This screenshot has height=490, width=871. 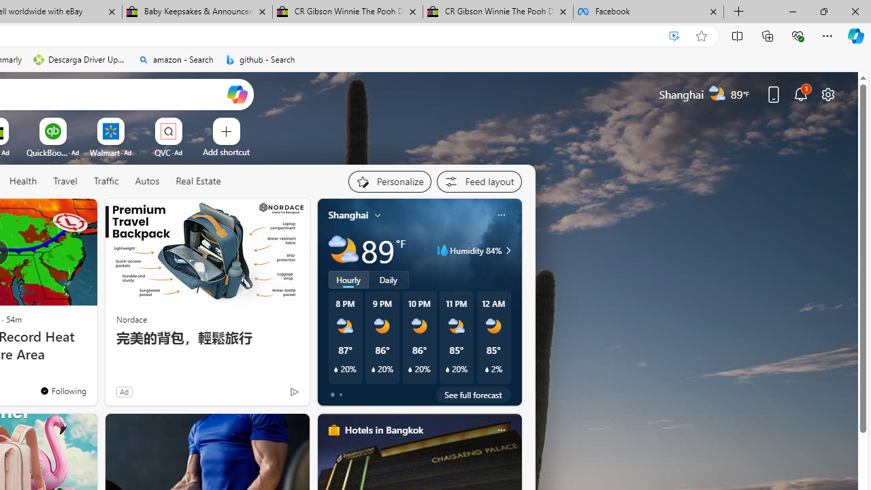 I want to click on 'Hourly', so click(x=348, y=279).